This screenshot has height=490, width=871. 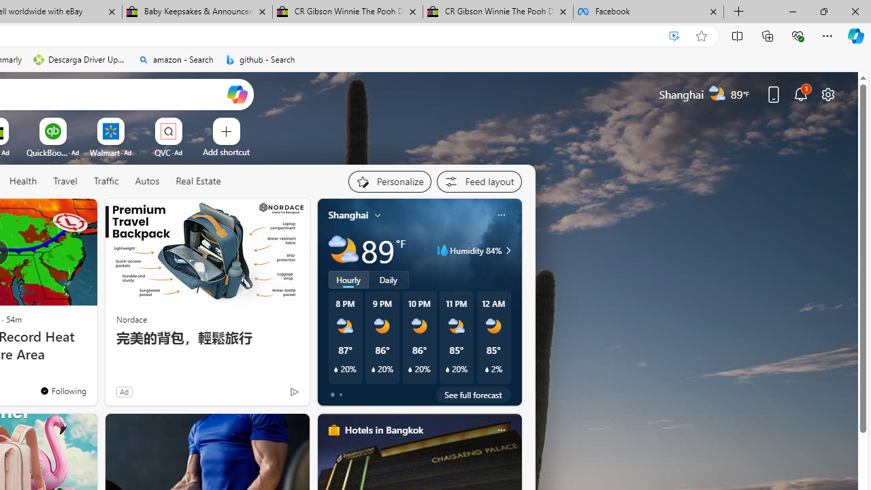 I want to click on 'Hourly', so click(x=348, y=279).